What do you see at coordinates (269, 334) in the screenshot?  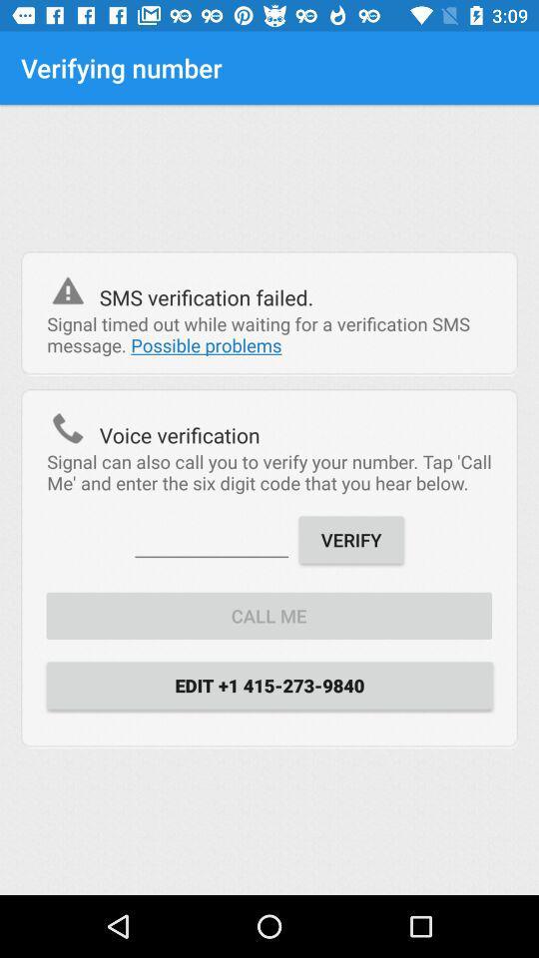 I see `signal timed out icon` at bounding box center [269, 334].